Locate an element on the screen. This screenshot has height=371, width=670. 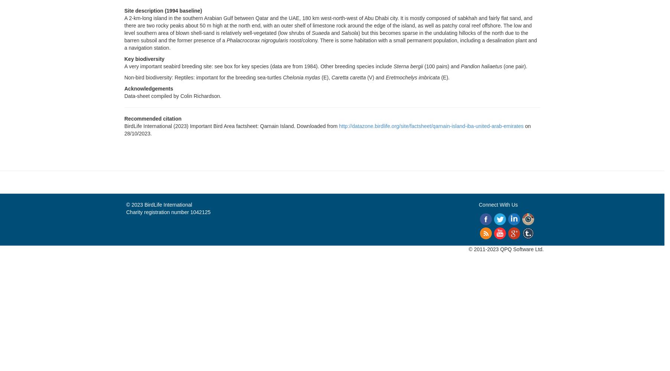
'Salsola' is located at coordinates (350, 33).